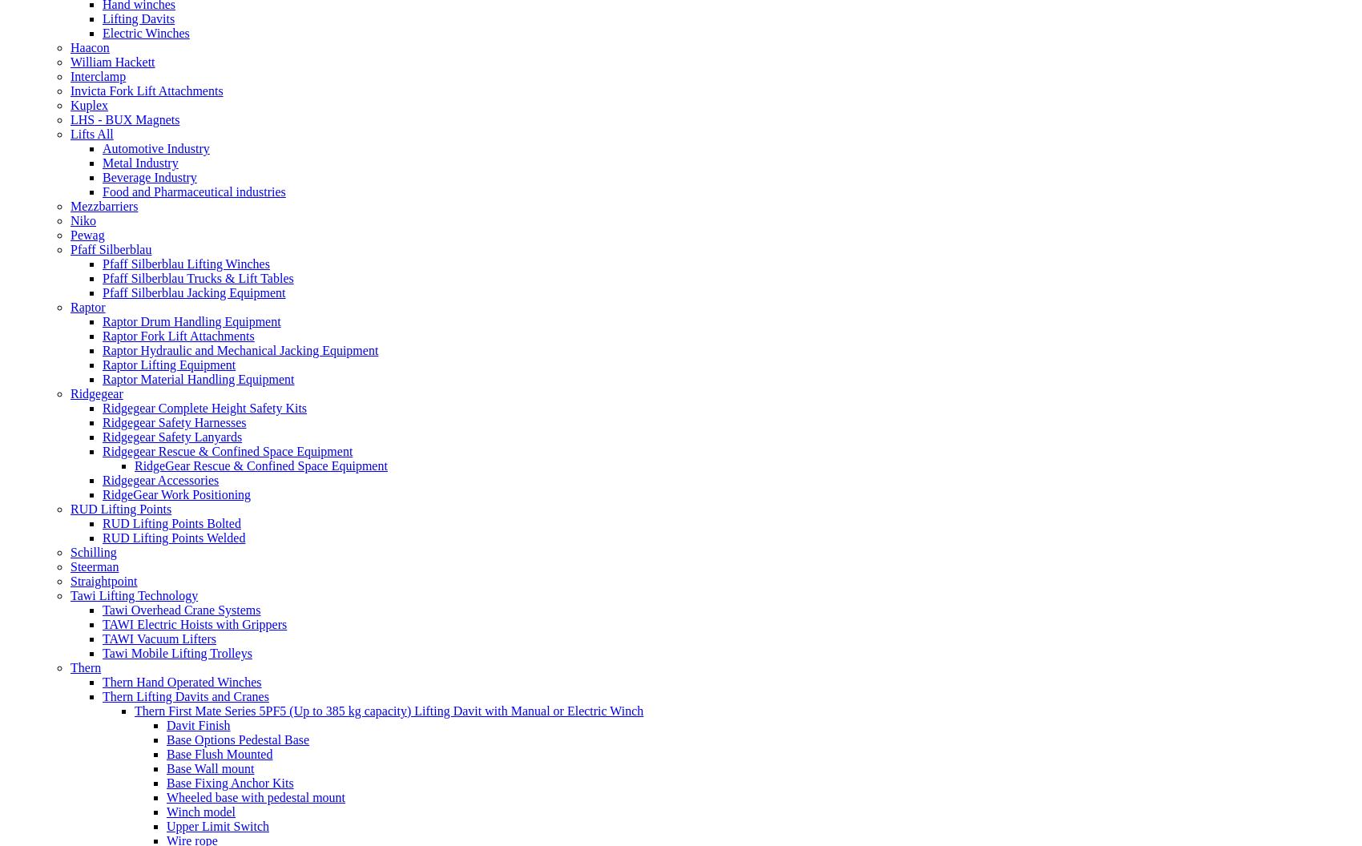 The height and width of the screenshot is (846, 1362). What do you see at coordinates (103, 204) in the screenshot?
I see `'Mezzbarriers'` at bounding box center [103, 204].